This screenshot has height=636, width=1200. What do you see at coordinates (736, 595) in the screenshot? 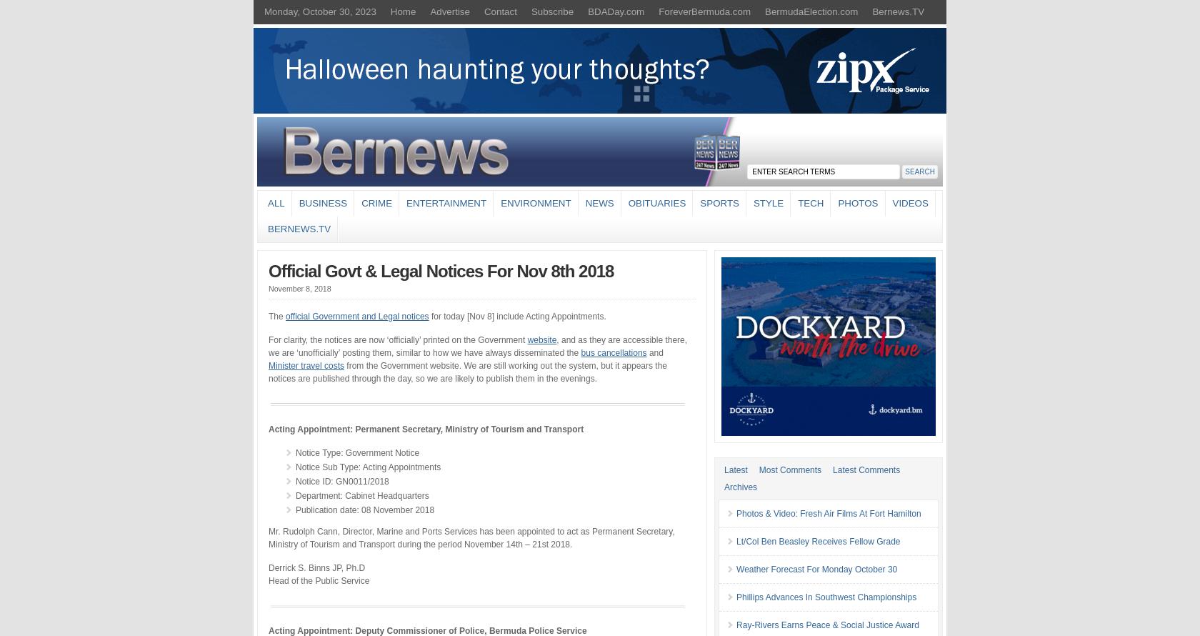
I see `'Phillips Advances In Southwest Championships'` at bounding box center [736, 595].